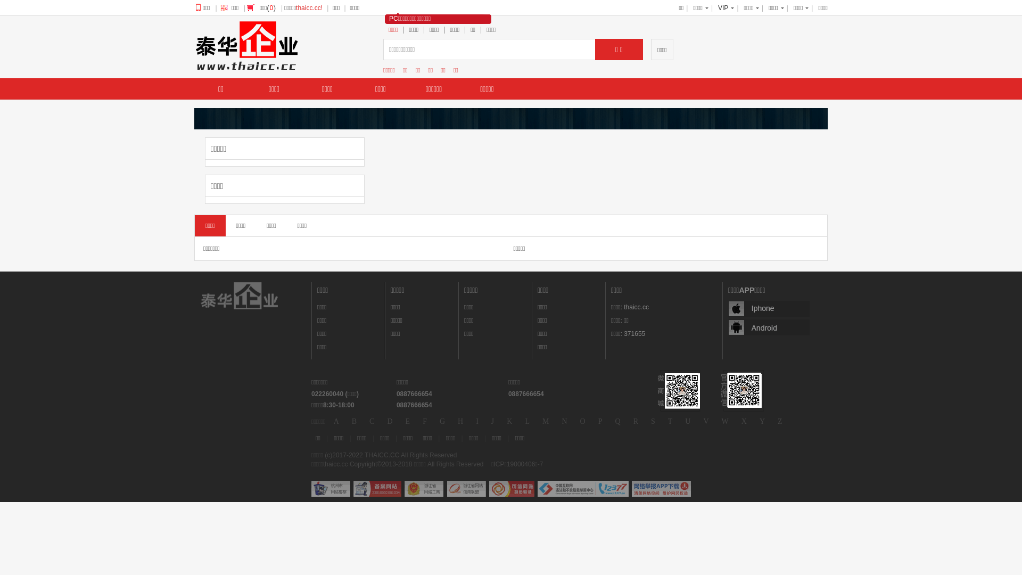 The image size is (1022, 575). What do you see at coordinates (636, 421) in the screenshot?
I see `'R'` at bounding box center [636, 421].